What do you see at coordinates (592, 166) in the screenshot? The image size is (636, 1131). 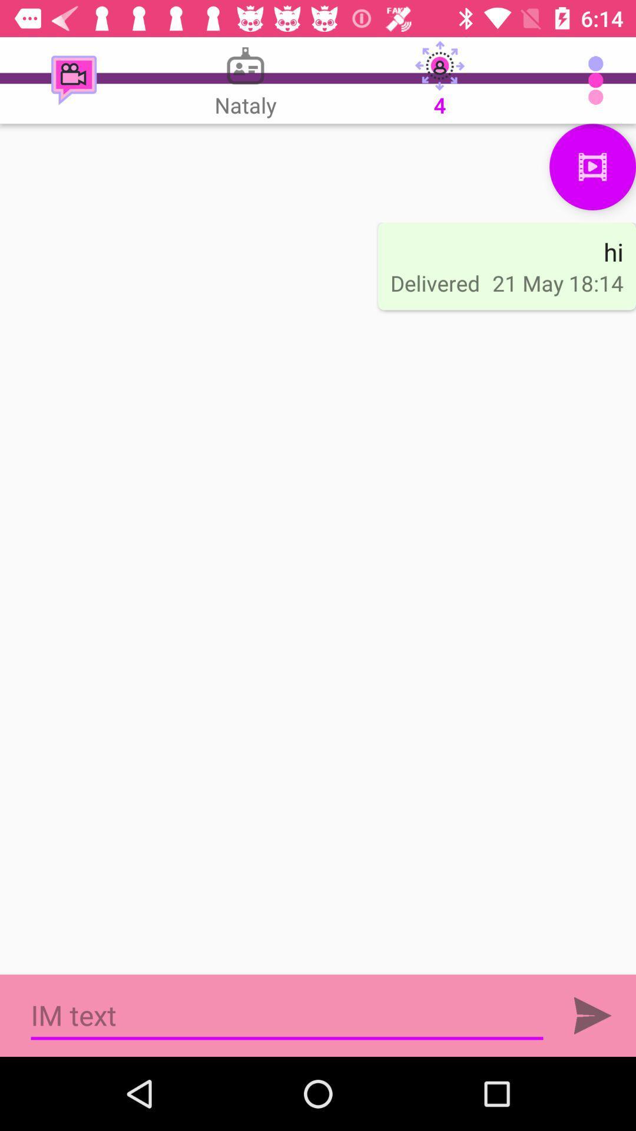 I see `video` at bounding box center [592, 166].